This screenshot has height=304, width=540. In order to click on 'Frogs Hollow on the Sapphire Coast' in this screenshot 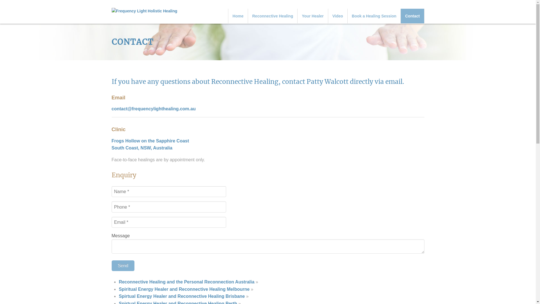, I will do `click(150, 140)`.